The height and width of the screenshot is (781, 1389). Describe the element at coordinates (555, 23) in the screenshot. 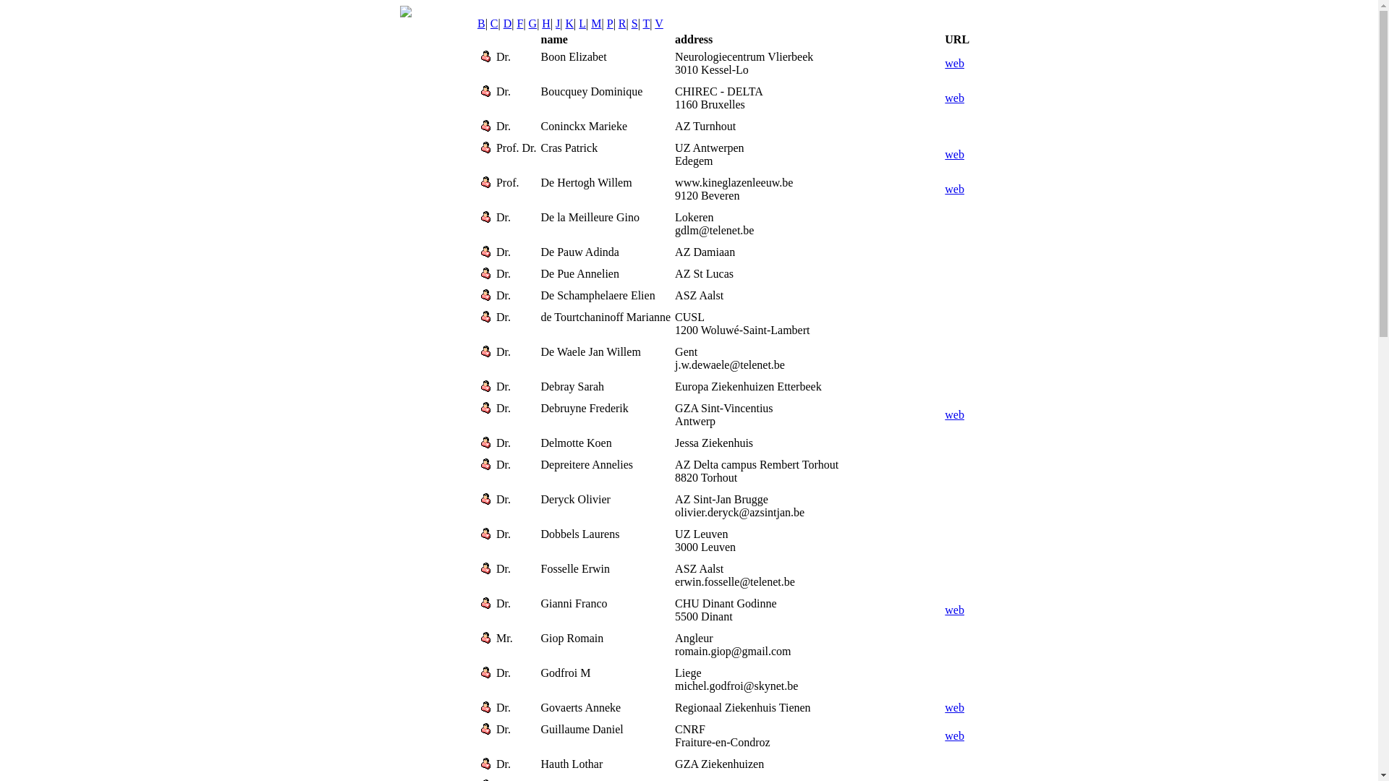

I see `'J'` at that location.